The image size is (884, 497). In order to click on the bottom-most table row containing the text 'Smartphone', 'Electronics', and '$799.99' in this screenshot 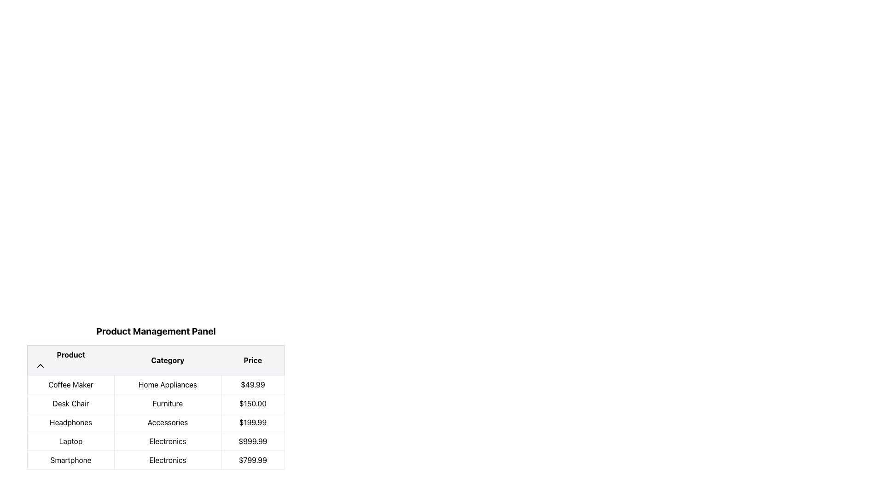, I will do `click(156, 460)`.